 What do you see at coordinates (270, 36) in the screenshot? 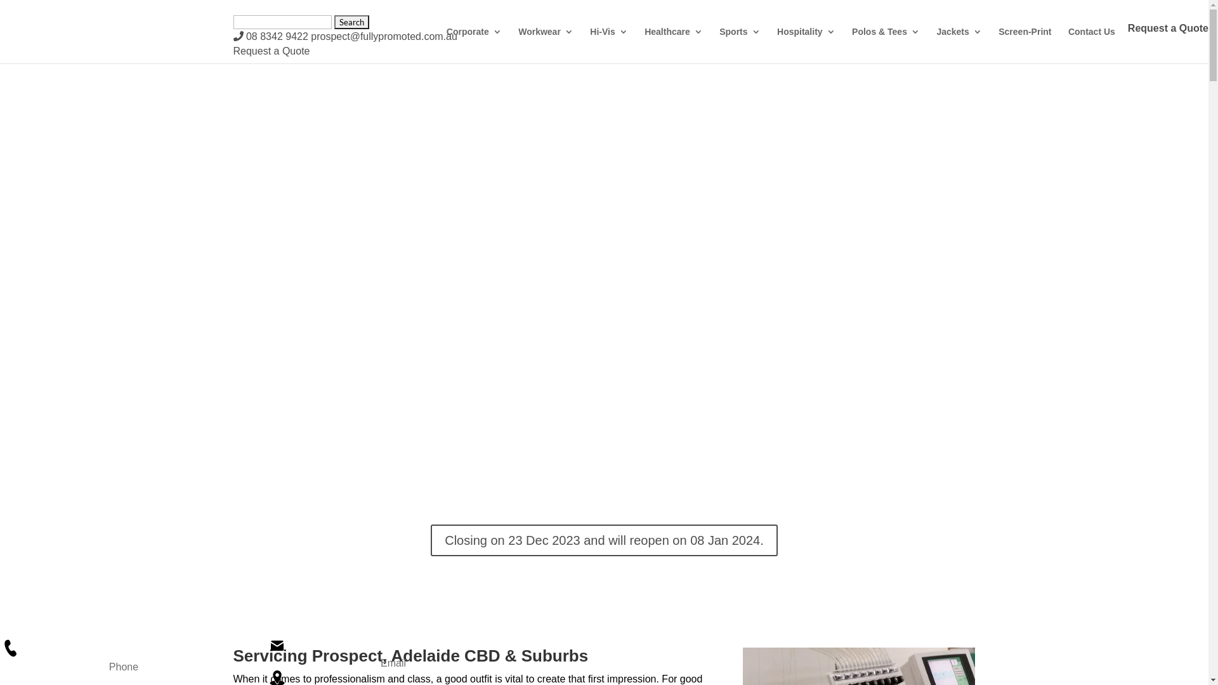
I see `'08 8342 9422'` at bounding box center [270, 36].